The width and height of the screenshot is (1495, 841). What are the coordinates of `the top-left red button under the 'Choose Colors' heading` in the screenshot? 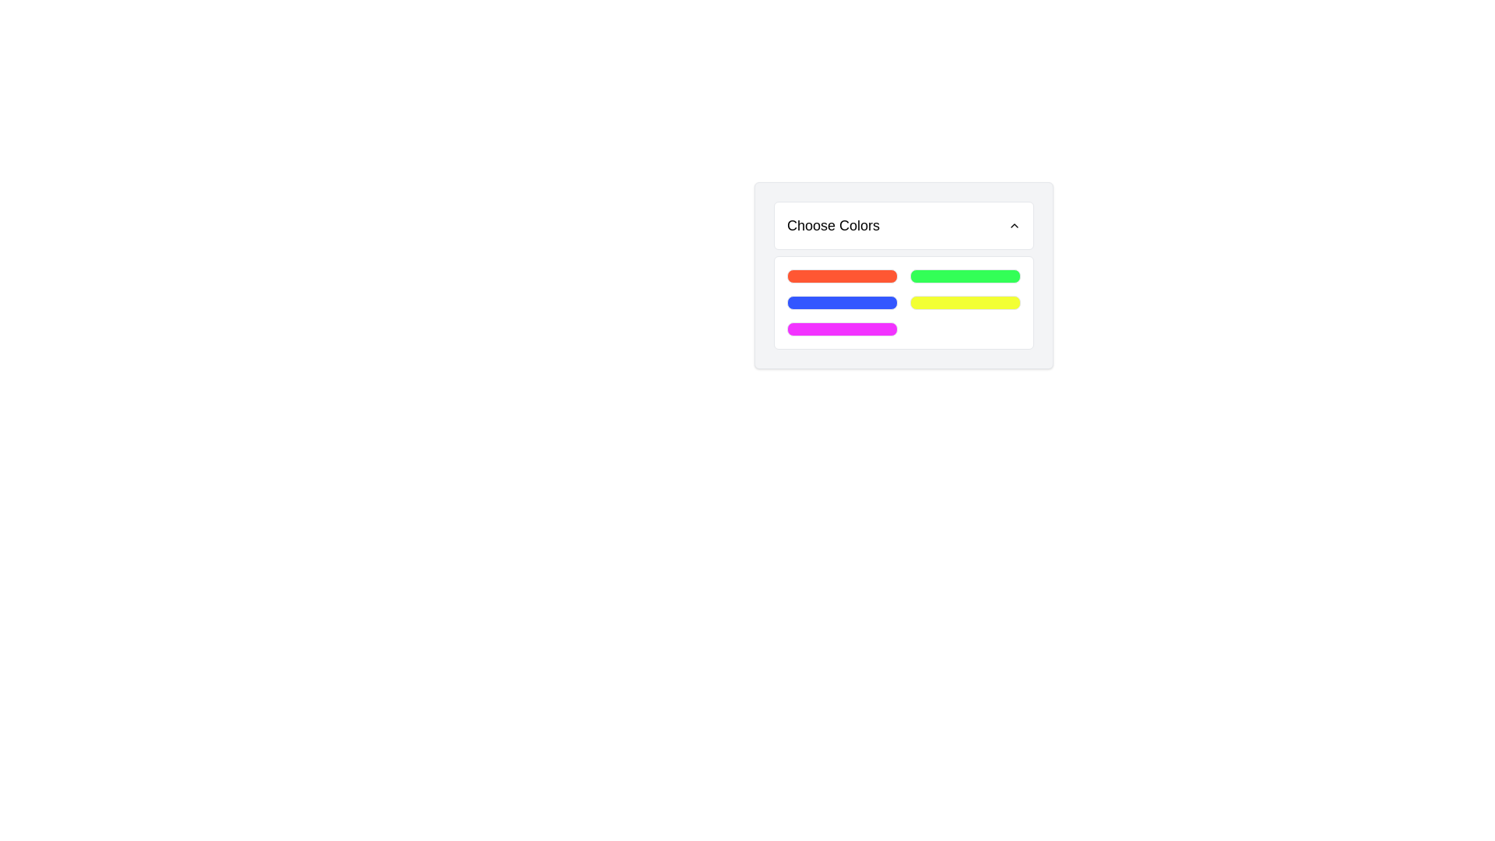 It's located at (841, 275).